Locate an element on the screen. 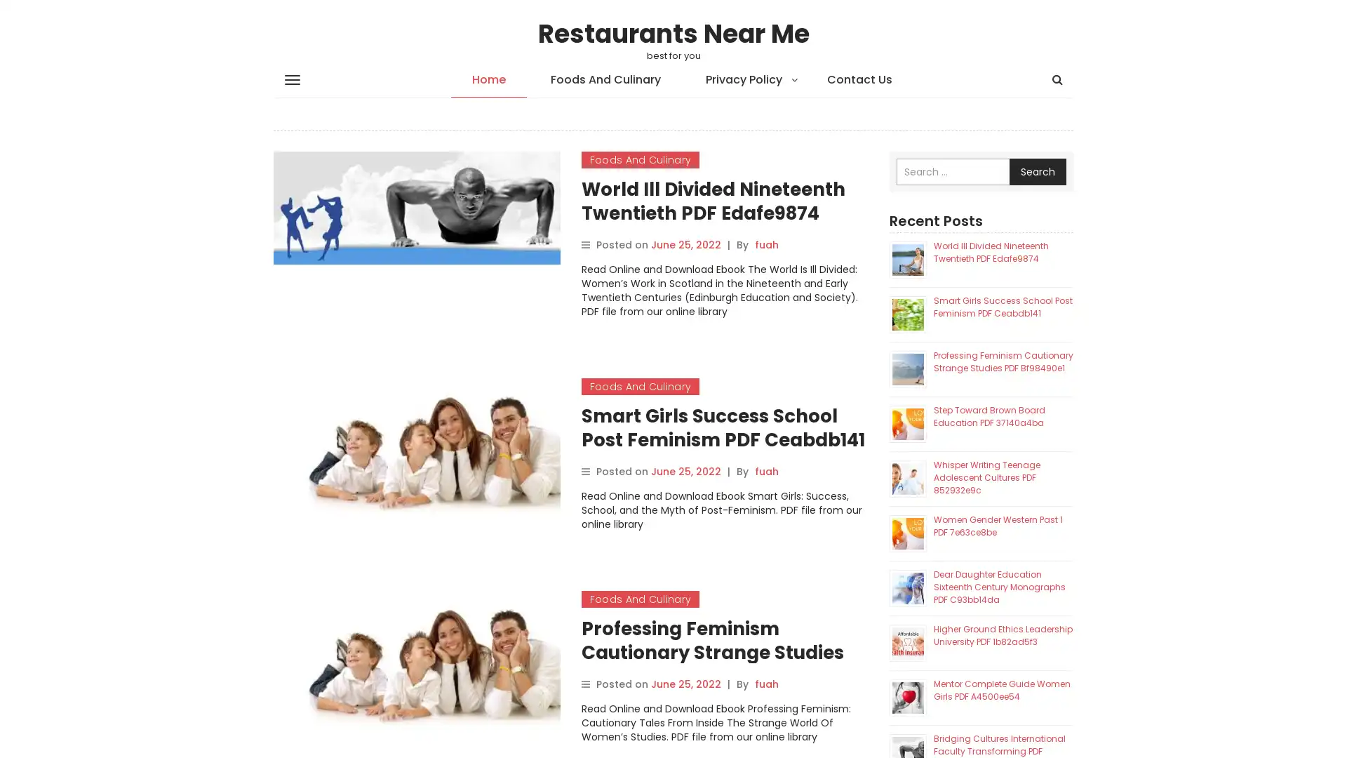 This screenshot has width=1347, height=758. Search is located at coordinates (1038, 171).